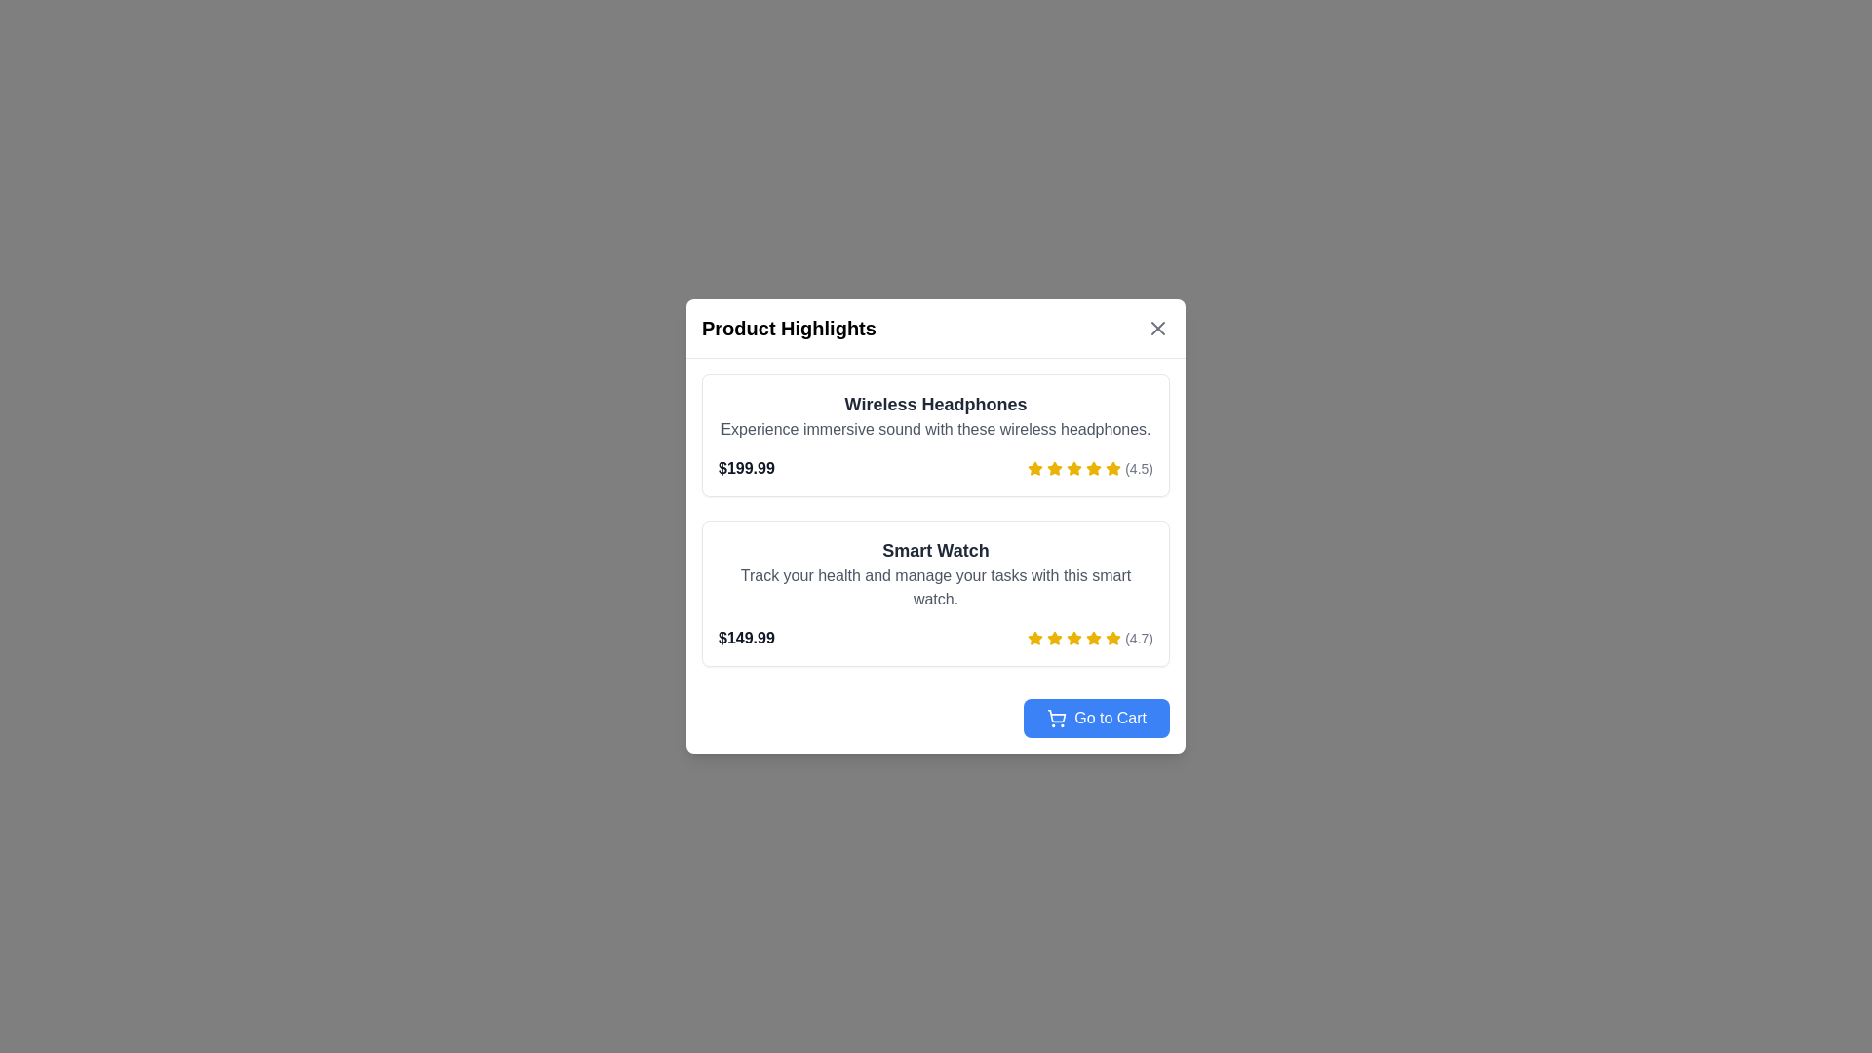  Describe the element at coordinates (1094, 639) in the screenshot. I see `the fifth star icon in the rating display for 'Smart Watch' as a rating indicator` at that location.